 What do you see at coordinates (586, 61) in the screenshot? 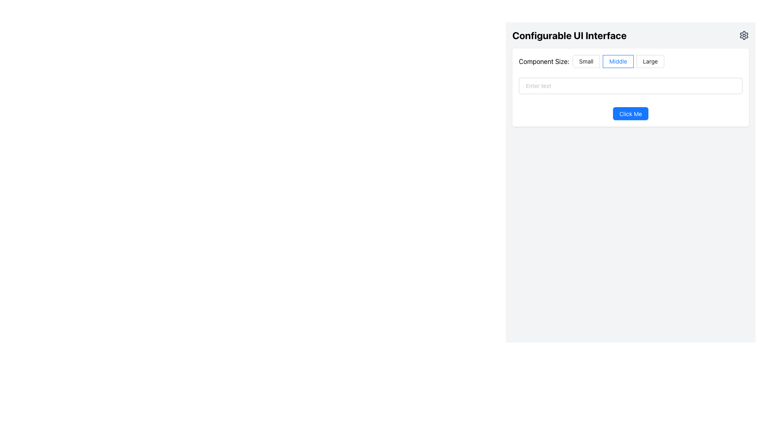
I see `the 'Small' radio button label in the 'Component Size' group, which is the first option among three choices` at bounding box center [586, 61].